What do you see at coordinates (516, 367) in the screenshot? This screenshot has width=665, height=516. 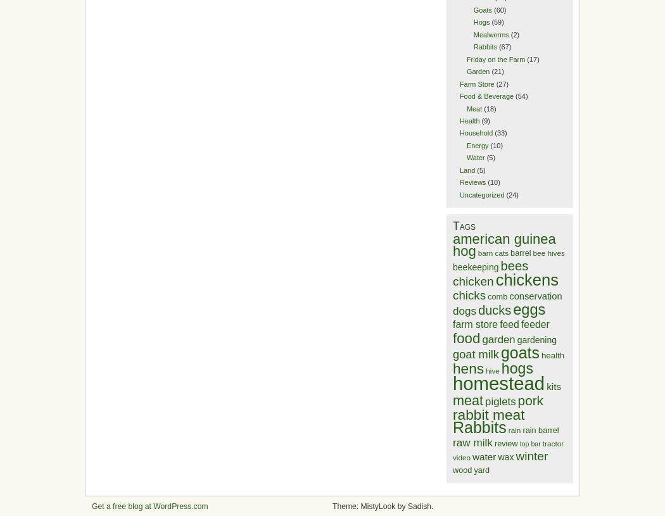 I see `'hogs'` at bounding box center [516, 367].